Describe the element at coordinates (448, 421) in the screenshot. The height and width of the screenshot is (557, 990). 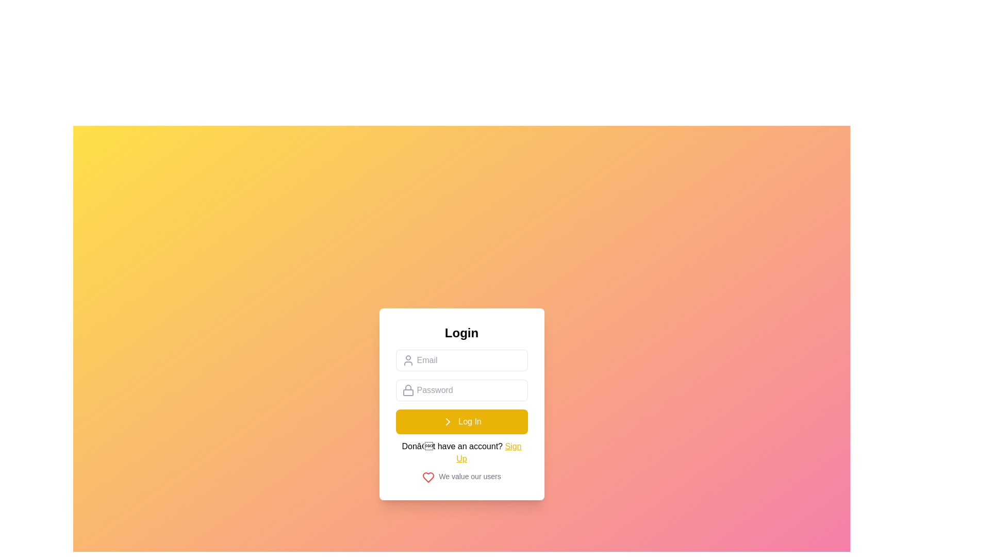
I see `the yellow 'Log In' button to interact with the right-pointing chevron SVG icon located on its left side` at that location.